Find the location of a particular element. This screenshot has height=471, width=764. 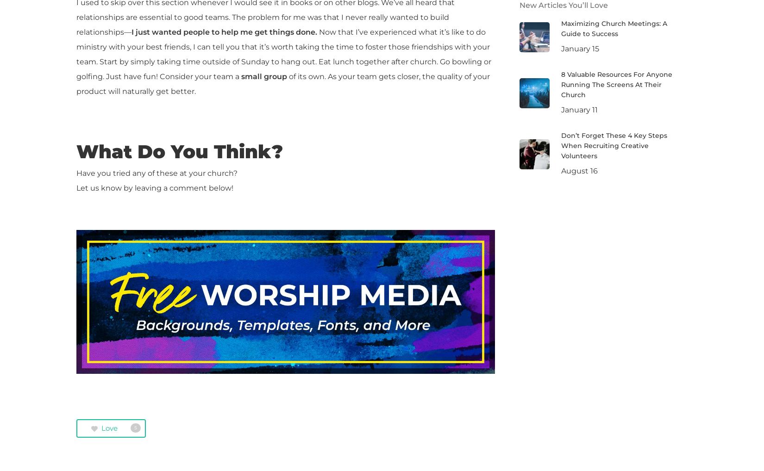

'Have you tried any of these at your church?' is located at coordinates (157, 173).